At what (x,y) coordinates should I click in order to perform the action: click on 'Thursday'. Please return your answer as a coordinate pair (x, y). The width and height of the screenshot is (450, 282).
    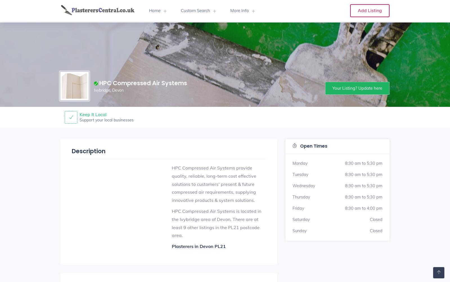
    Looking at the image, I should click on (301, 197).